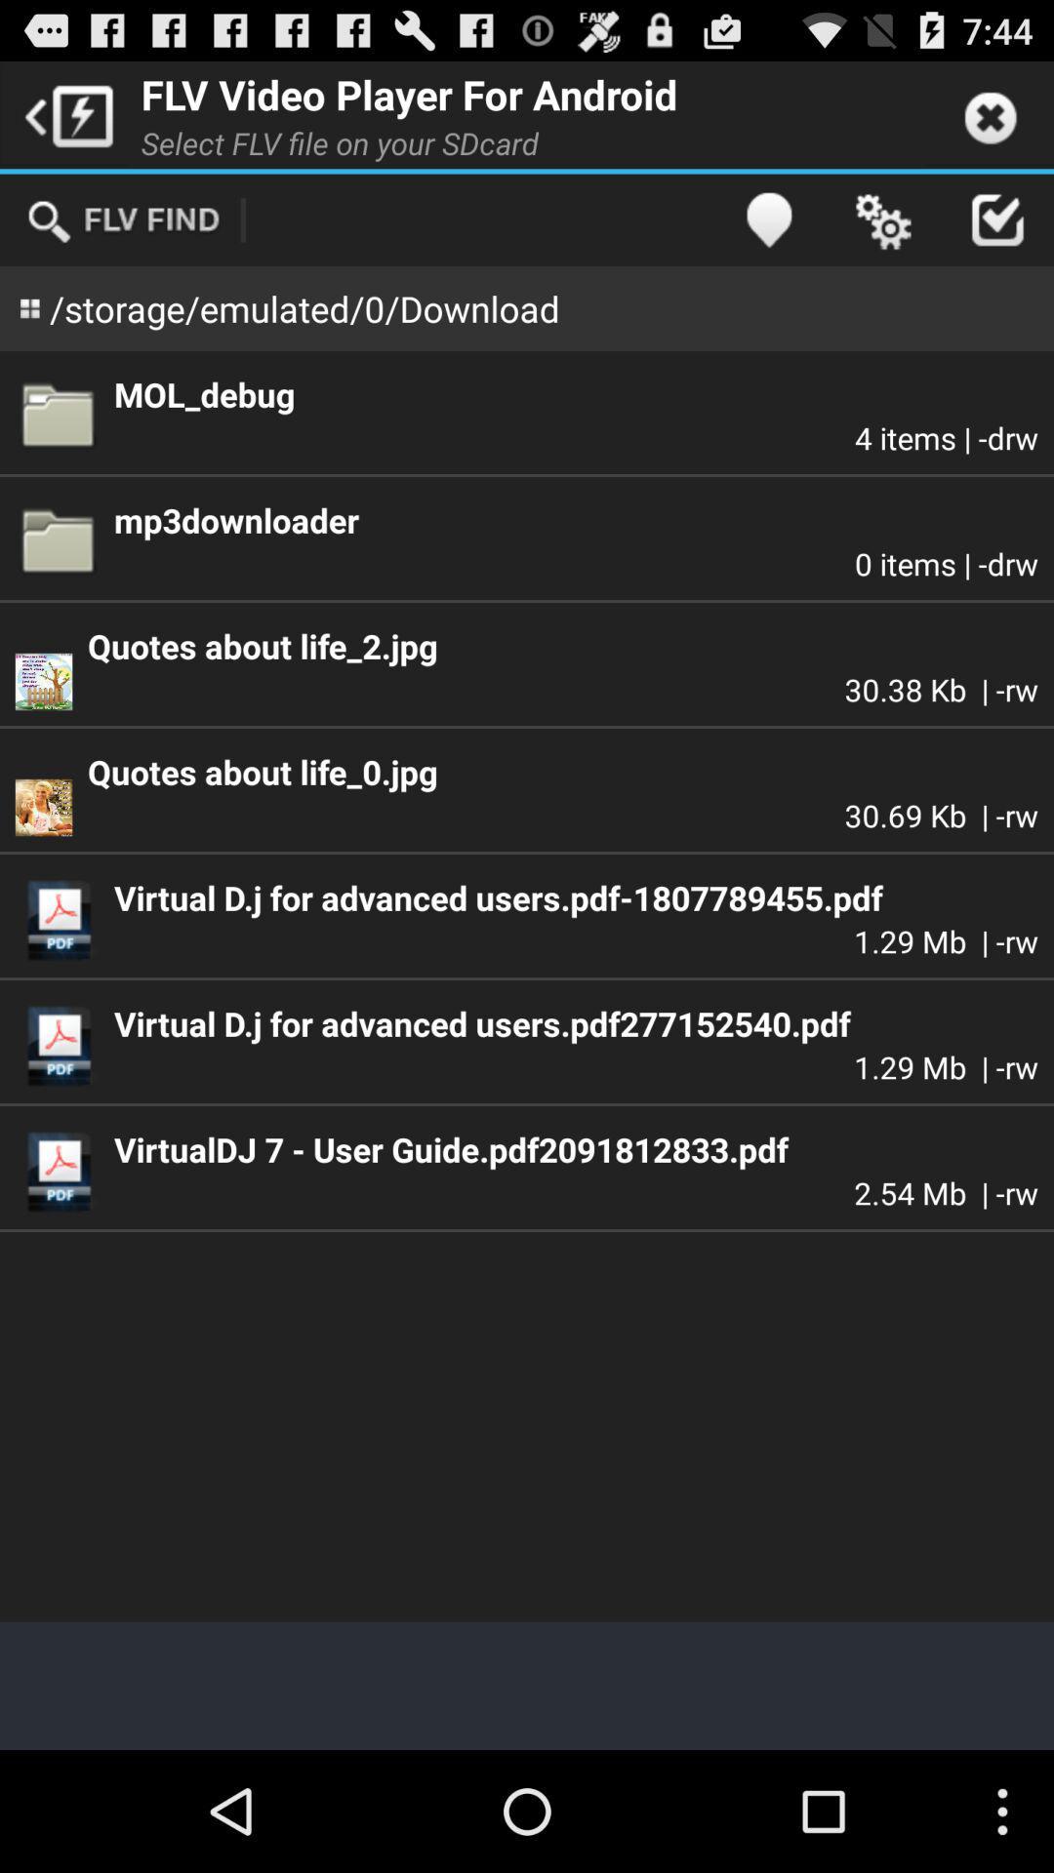  Describe the element at coordinates (575, 520) in the screenshot. I see `the icon above the 0 items | -drw app` at that location.